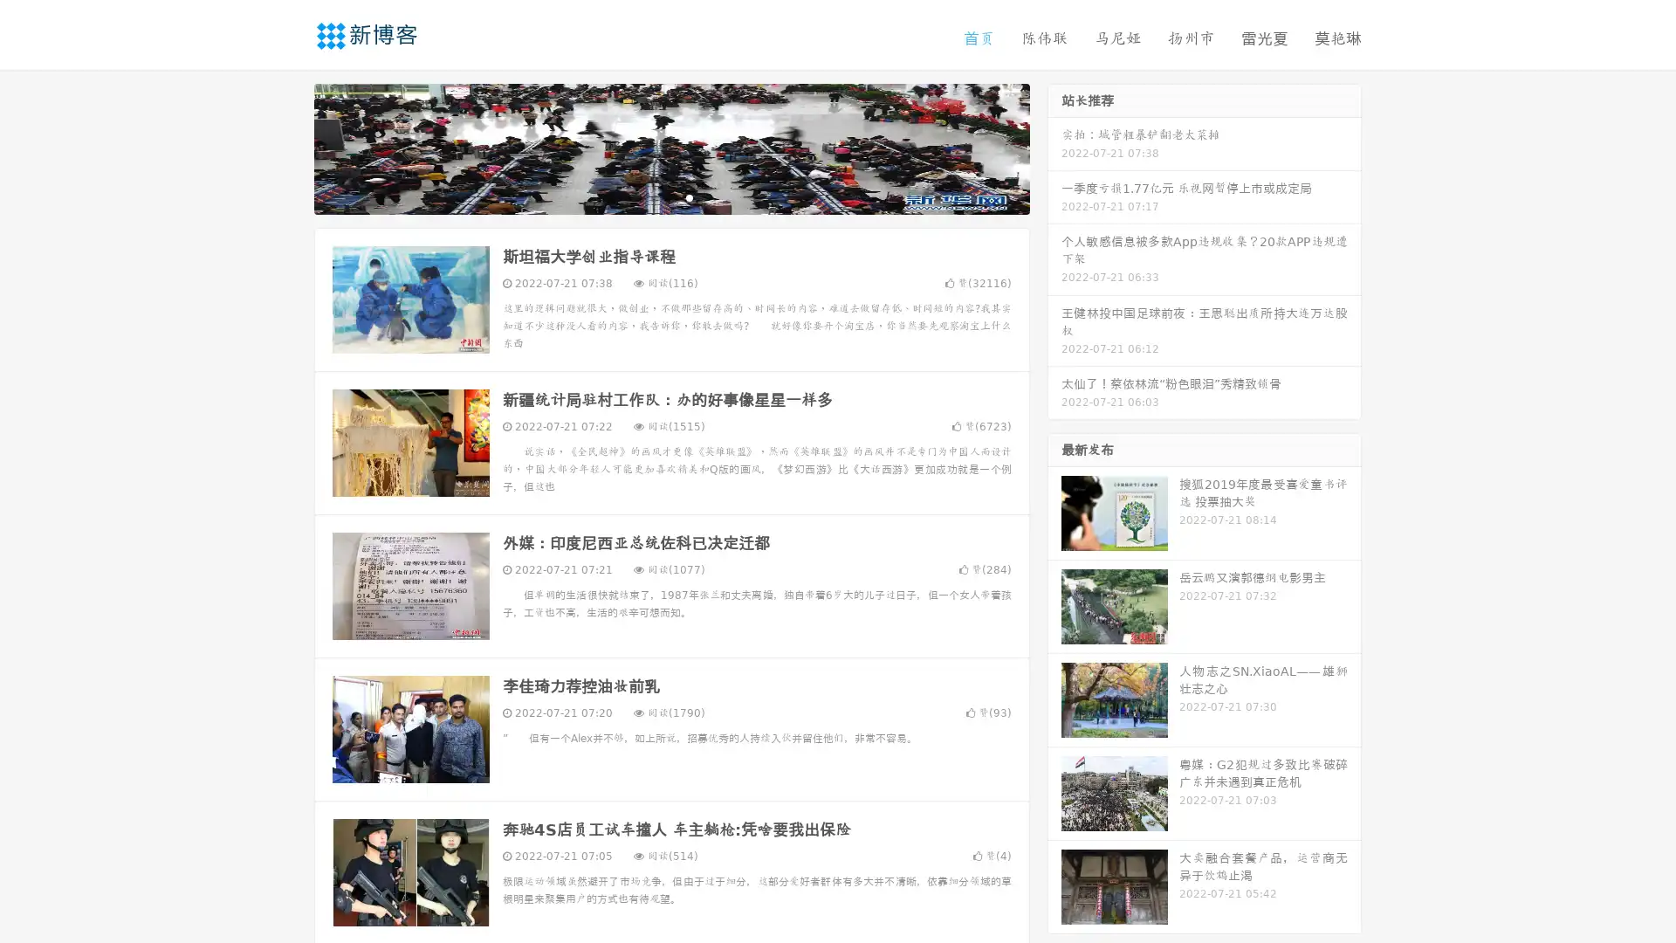  Describe the element at coordinates (670, 196) in the screenshot. I see `Go to slide 2` at that location.